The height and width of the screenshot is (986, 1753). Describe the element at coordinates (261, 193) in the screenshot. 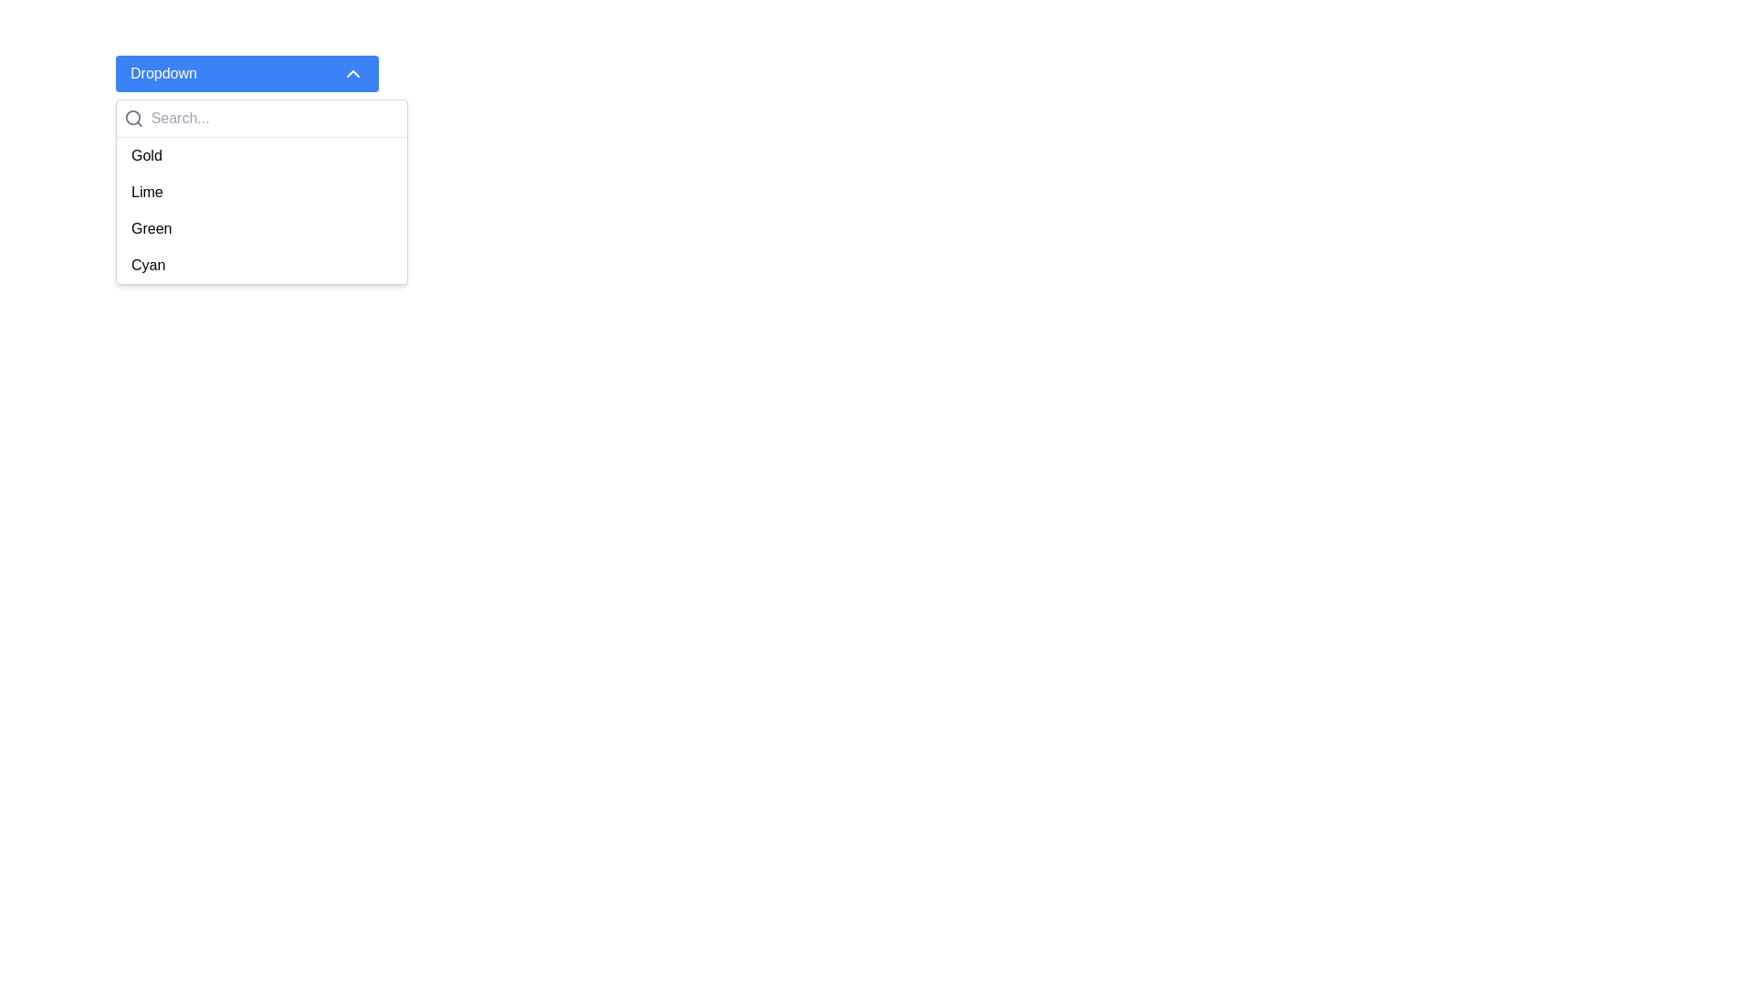

I see `the dropdown menu item labeled 'Lime'` at that location.